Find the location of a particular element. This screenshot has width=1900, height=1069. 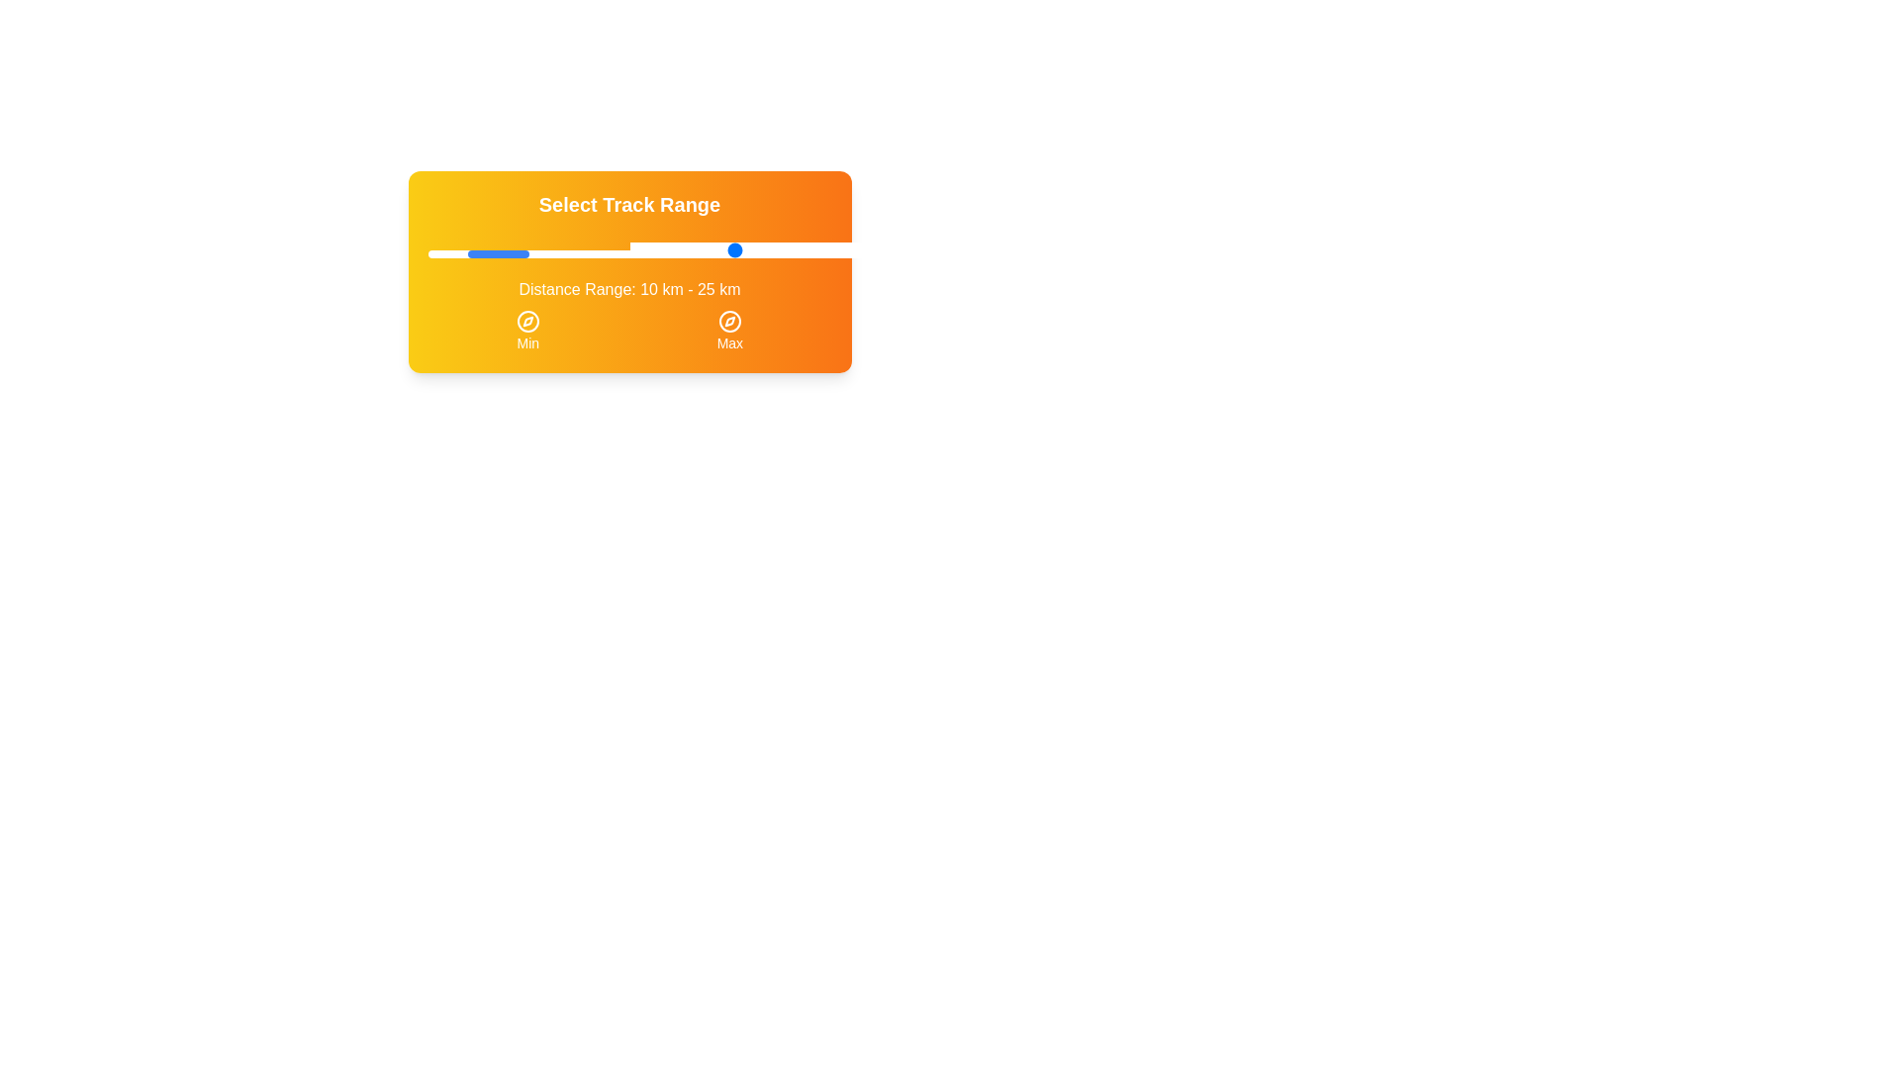

the range slider's value is located at coordinates (713, 253).